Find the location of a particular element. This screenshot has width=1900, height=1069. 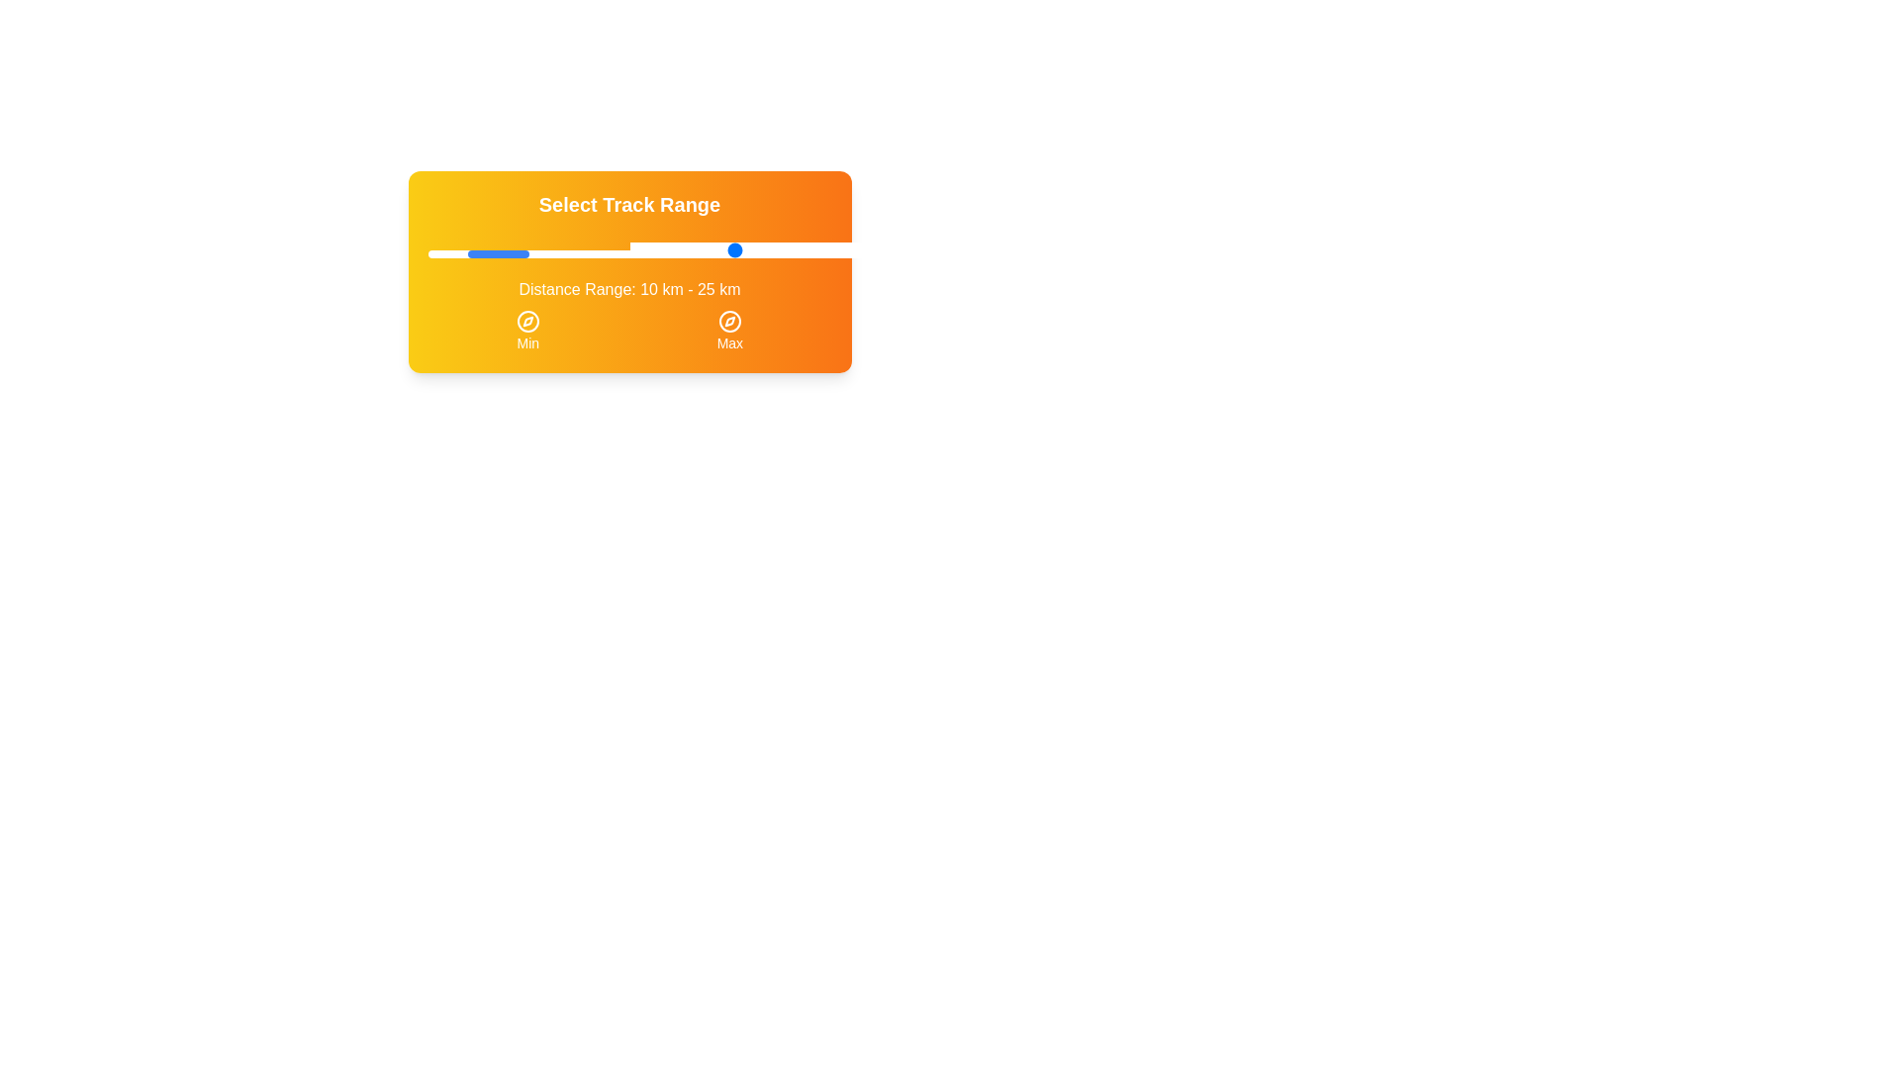

the range slider's value is located at coordinates (713, 253).